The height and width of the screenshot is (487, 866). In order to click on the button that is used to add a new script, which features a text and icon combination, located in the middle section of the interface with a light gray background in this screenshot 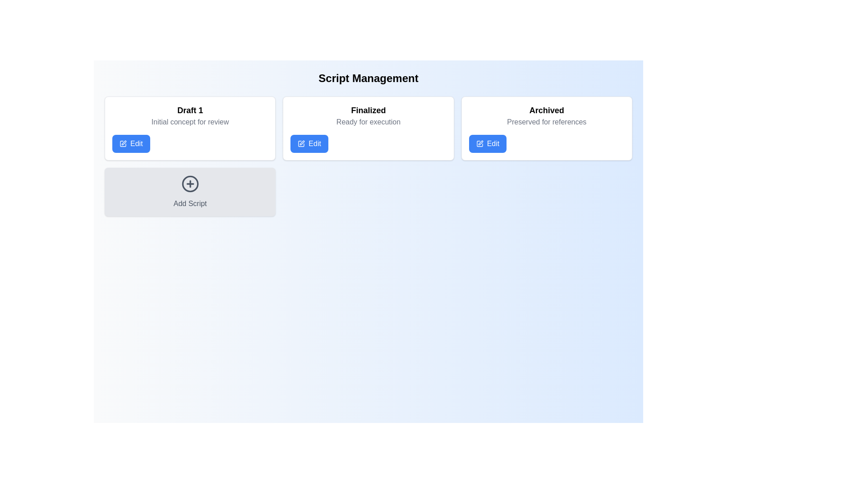, I will do `click(189, 191)`.